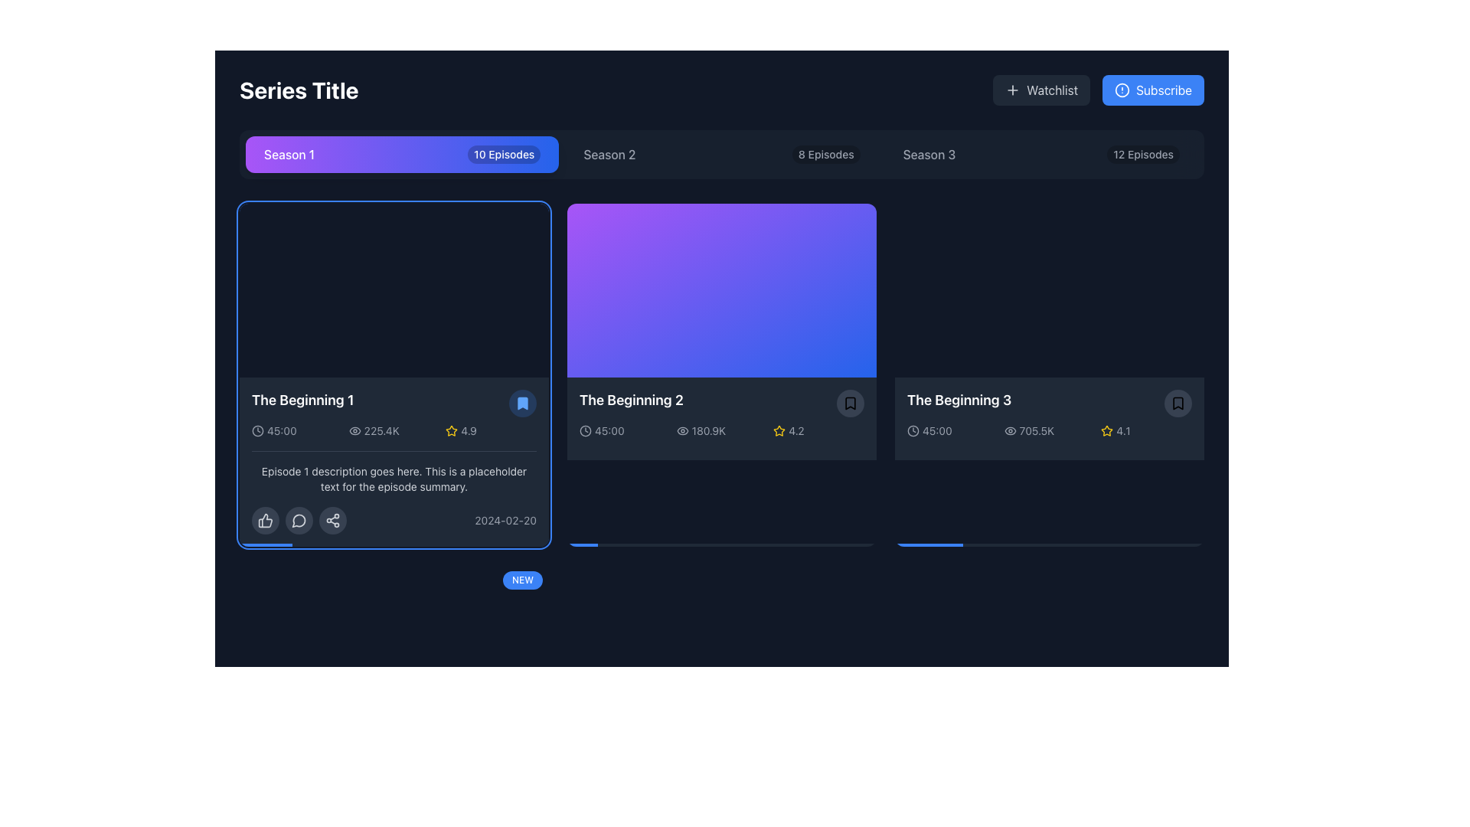 This screenshot has height=827, width=1470. Describe the element at coordinates (257, 431) in the screenshot. I see `the clock icon, which features a circular outline with minimalist design and is located at the start of a horizontal cluster containing the time duration '45:00'` at that location.